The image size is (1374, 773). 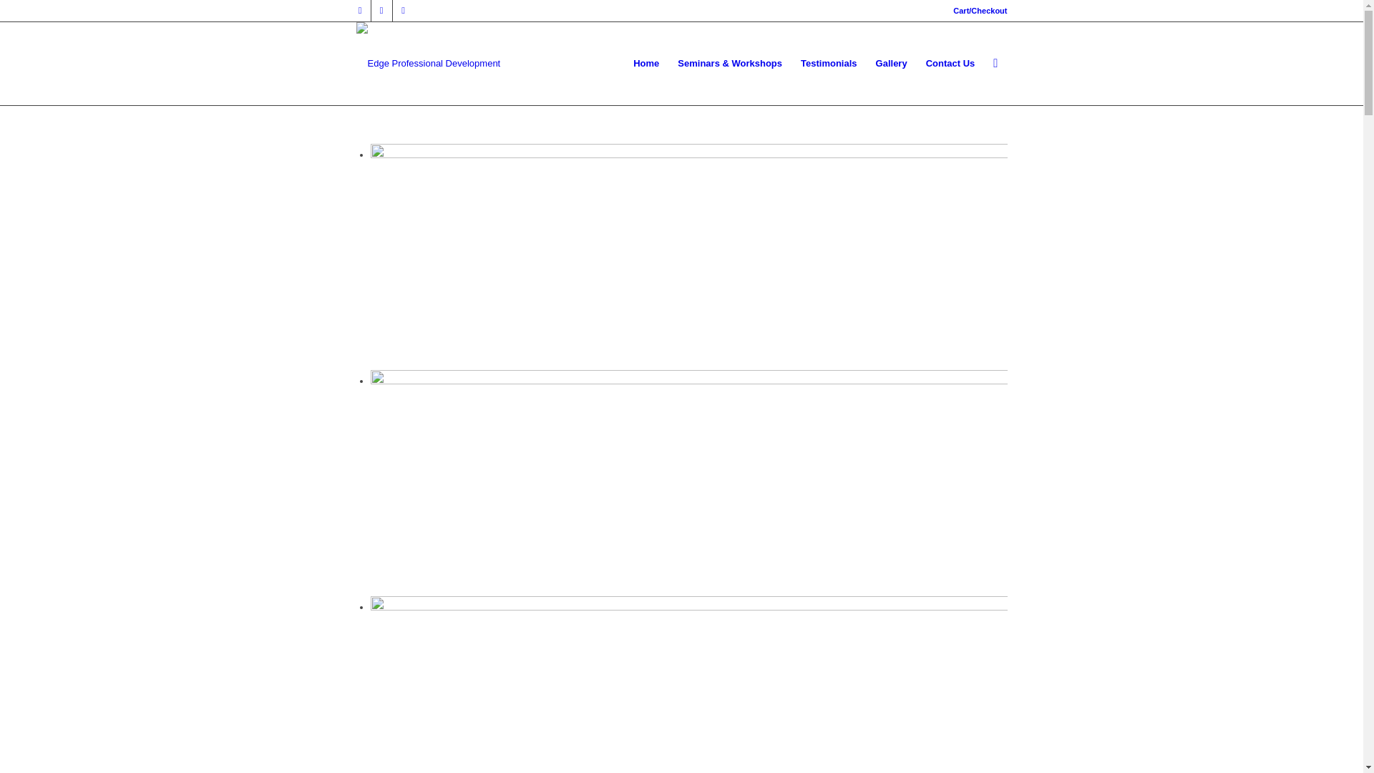 What do you see at coordinates (381, 11) in the screenshot?
I see `'Twitter'` at bounding box center [381, 11].